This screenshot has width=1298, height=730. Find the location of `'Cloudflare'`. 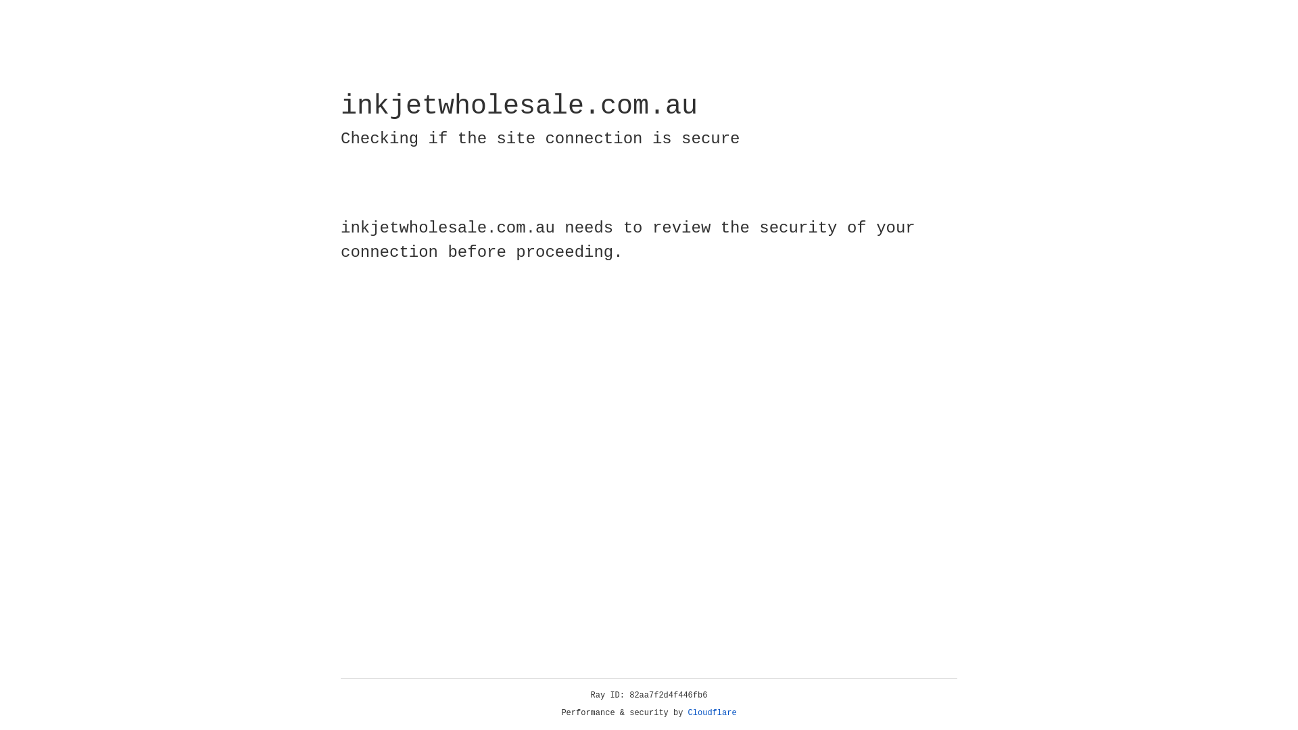

'Cloudflare' is located at coordinates (712, 712).